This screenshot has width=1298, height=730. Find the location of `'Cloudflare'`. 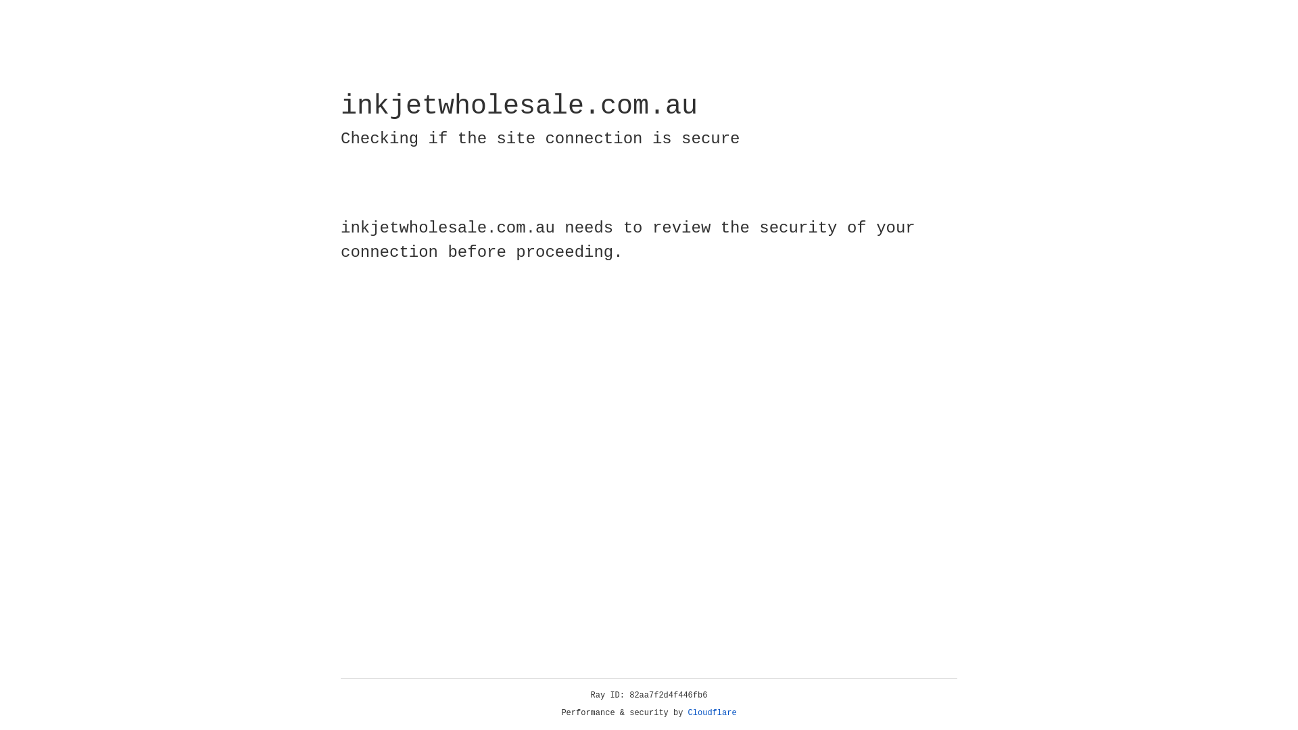

'Cloudflare' is located at coordinates (712, 712).